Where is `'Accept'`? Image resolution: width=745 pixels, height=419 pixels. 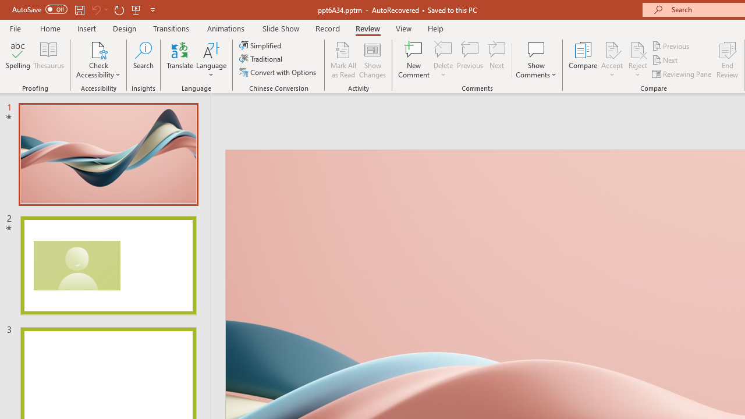 'Accept' is located at coordinates (611, 60).